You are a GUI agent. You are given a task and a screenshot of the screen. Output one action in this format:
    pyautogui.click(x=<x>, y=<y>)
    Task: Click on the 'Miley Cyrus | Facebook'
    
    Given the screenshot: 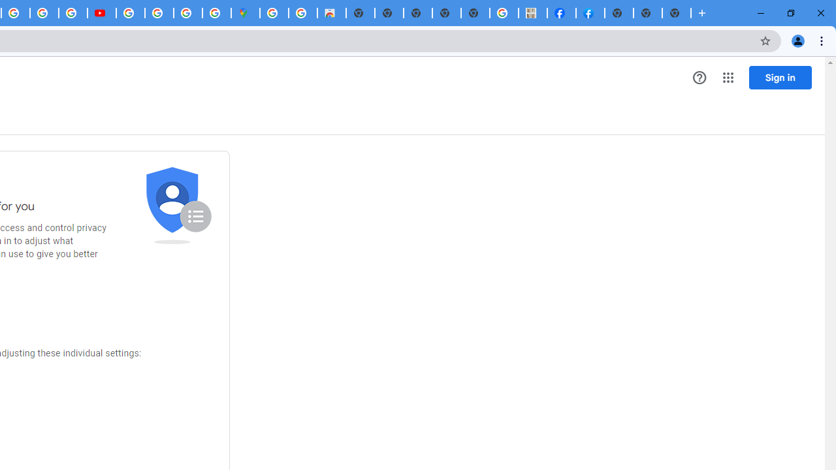 What is the action you would take?
    pyautogui.click(x=562, y=13)
    